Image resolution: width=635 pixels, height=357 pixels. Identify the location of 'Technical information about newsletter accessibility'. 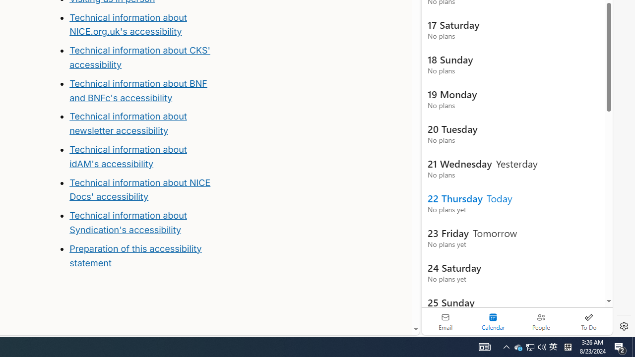
(127, 123).